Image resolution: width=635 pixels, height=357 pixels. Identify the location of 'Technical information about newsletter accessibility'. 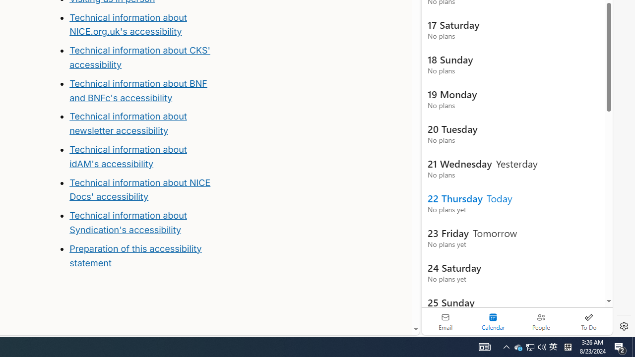
(127, 123).